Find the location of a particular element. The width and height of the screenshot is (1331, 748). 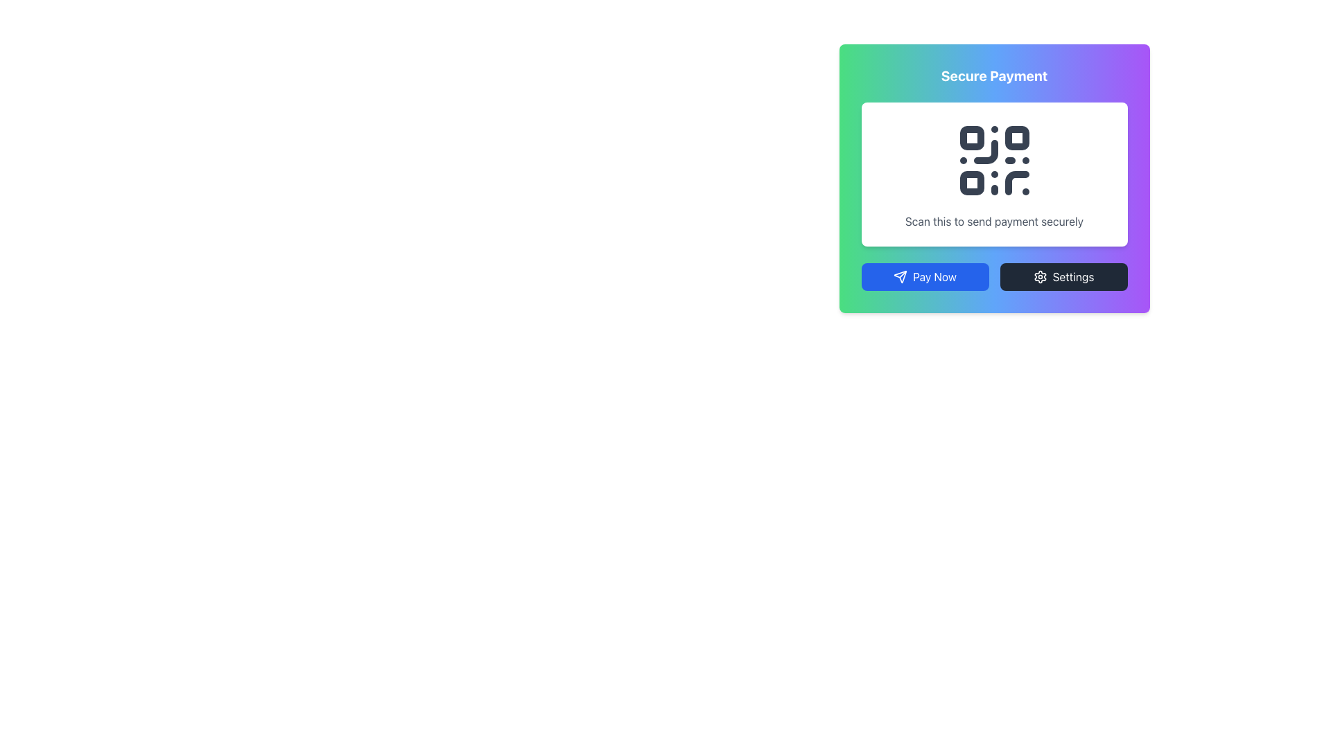

the 'Pay Now' button which contains a white paper airplane icon on a blue background, located at the bottom-left corner of the payment interface card to initiate the action is located at coordinates (901, 277).